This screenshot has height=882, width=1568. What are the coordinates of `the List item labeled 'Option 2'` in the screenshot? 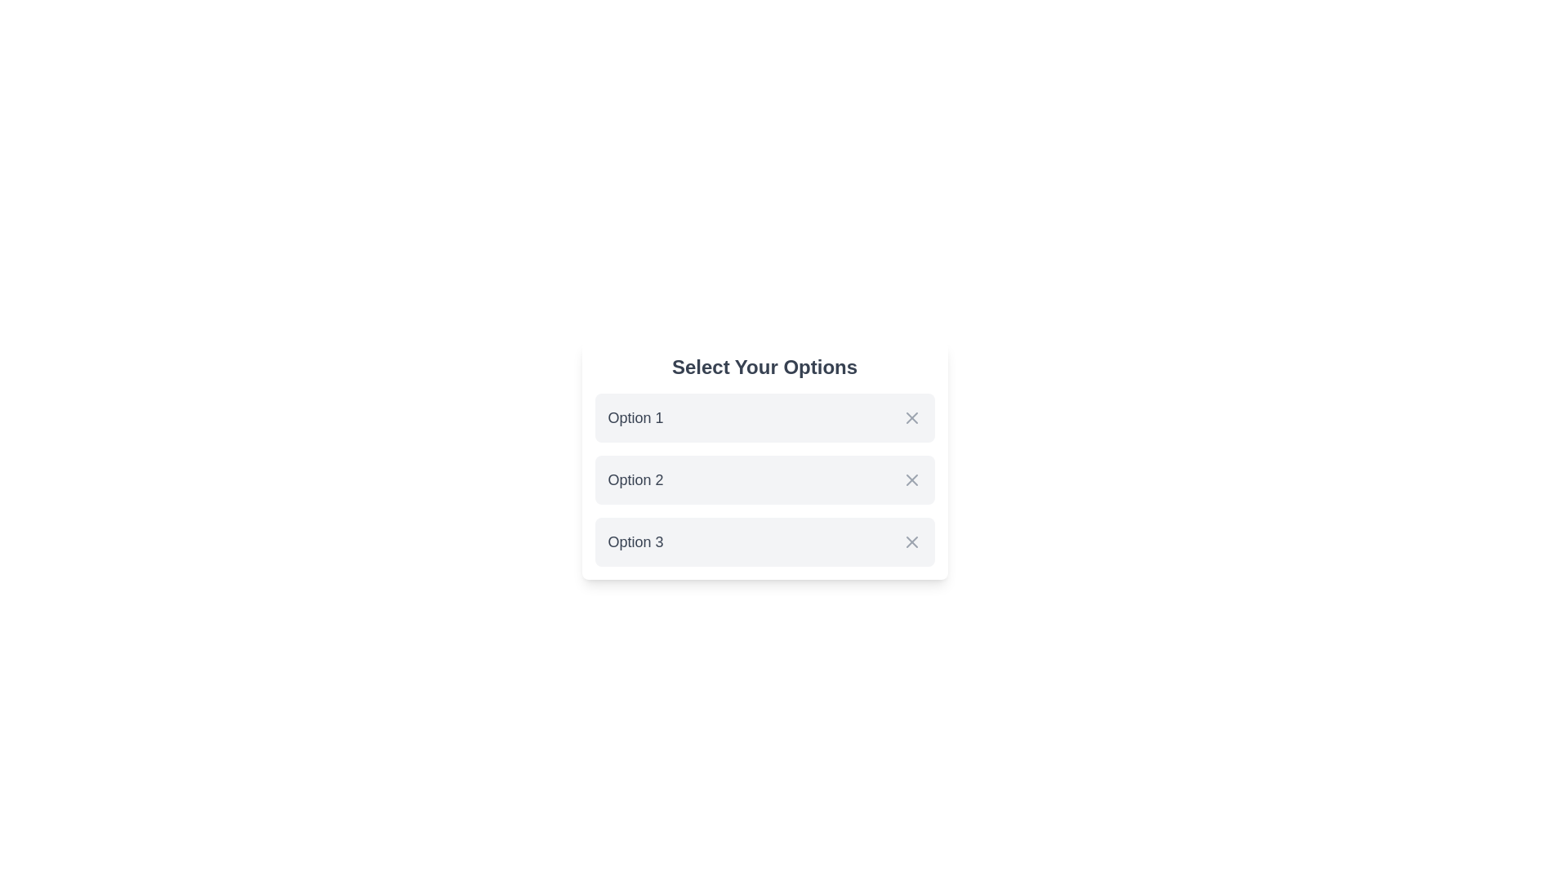 It's located at (764, 479).